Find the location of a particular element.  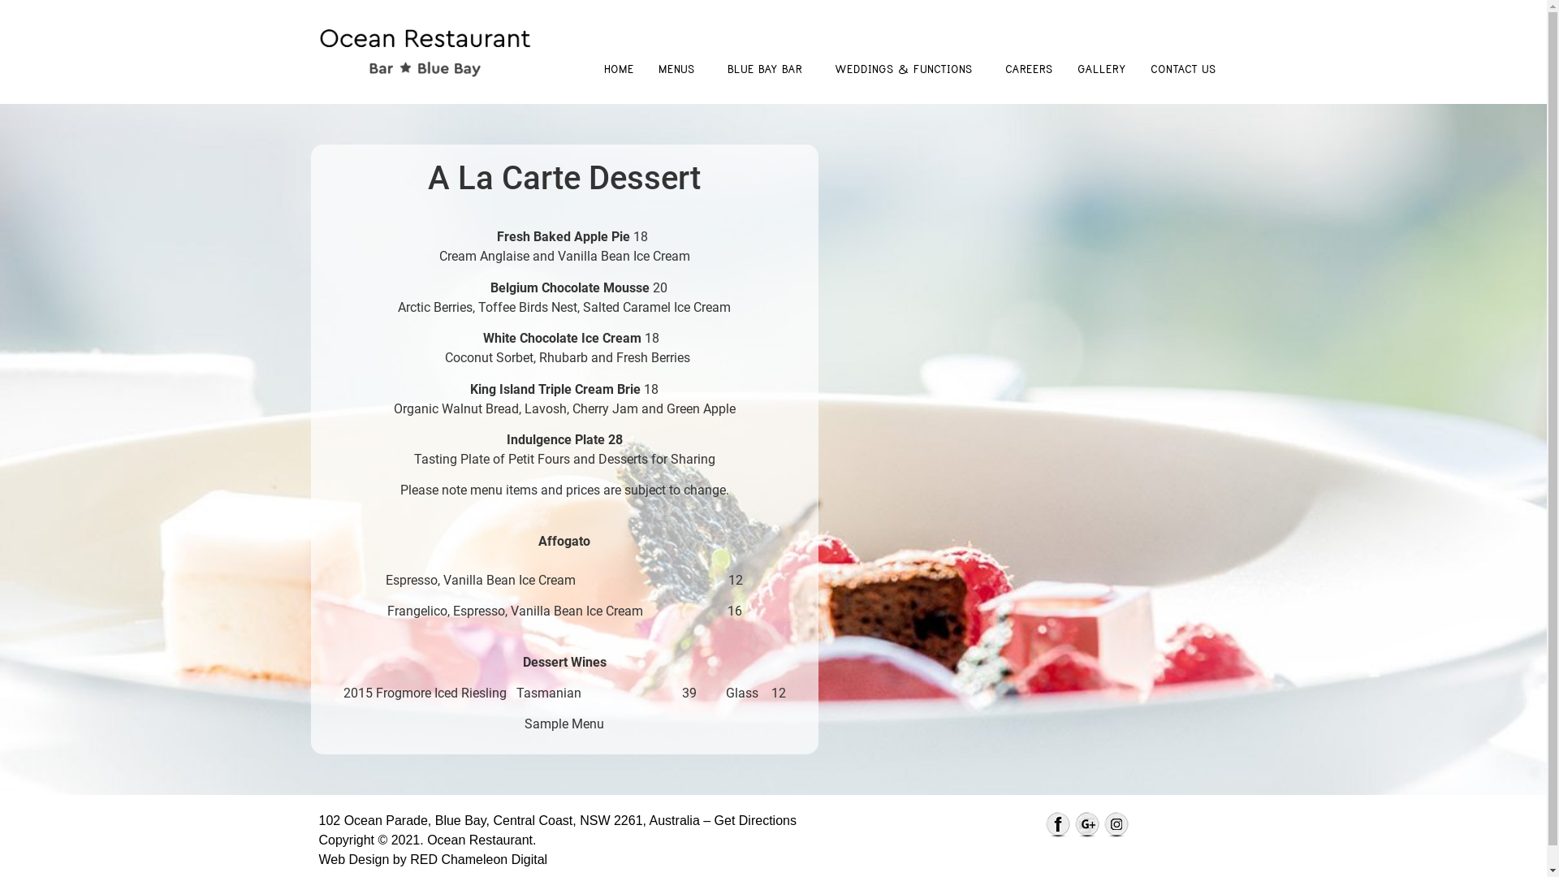

'GALLERY' is located at coordinates (1102, 67).